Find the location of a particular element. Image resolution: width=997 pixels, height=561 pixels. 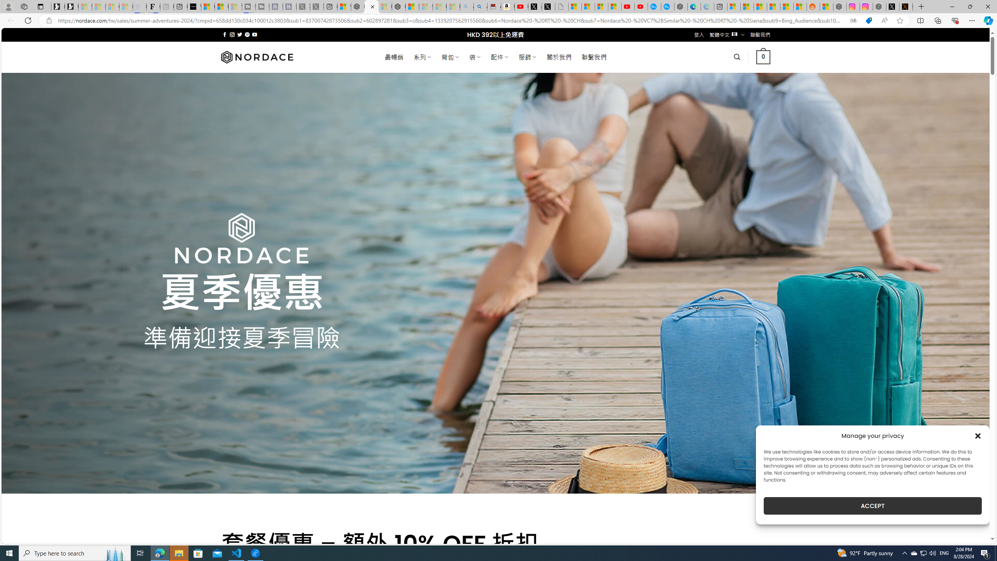

'Gloom - YouTube' is located at coordinates (627, 6).